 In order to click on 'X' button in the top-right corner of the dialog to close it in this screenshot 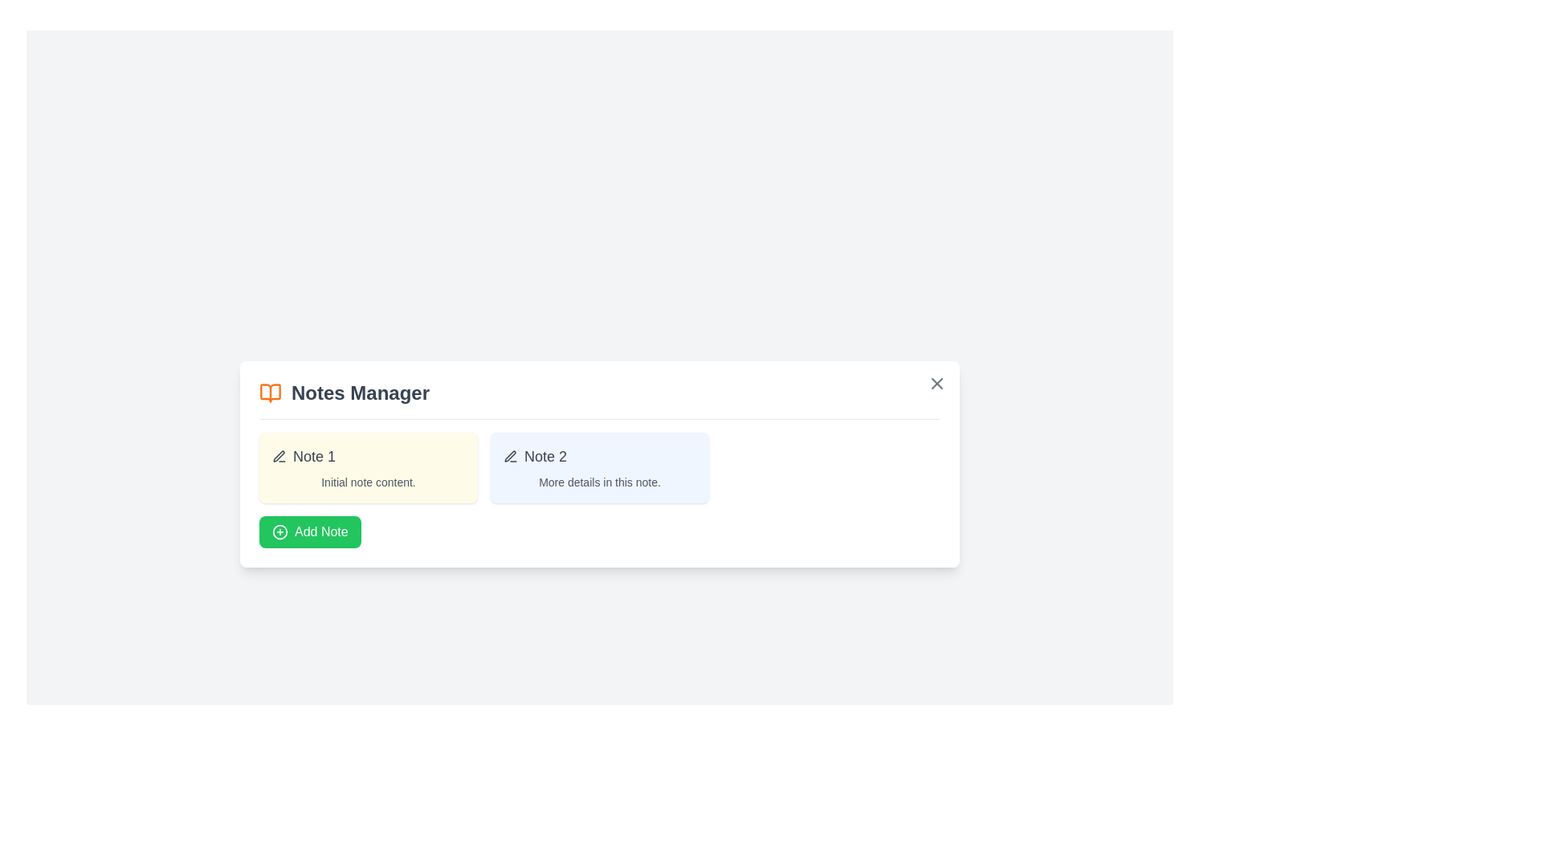, I will do `click(936, 383)`.